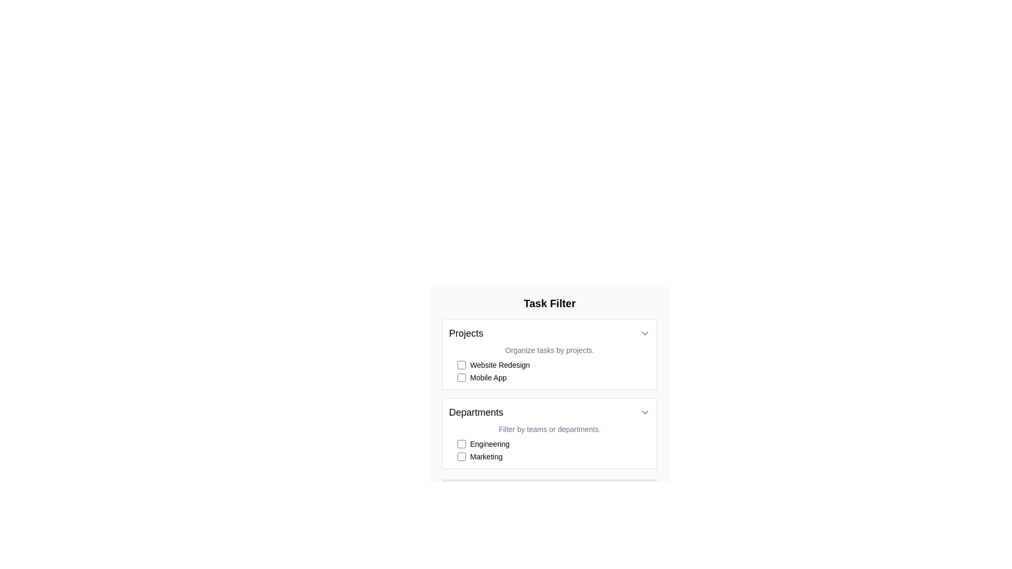  Describe the element at coordinates (461, 456) in the screenshot. I see `the checkbox for filtering tasks associated with the 'Marketing' department located in the 'Departments' section under the 'Task Filter' interface` at that location.